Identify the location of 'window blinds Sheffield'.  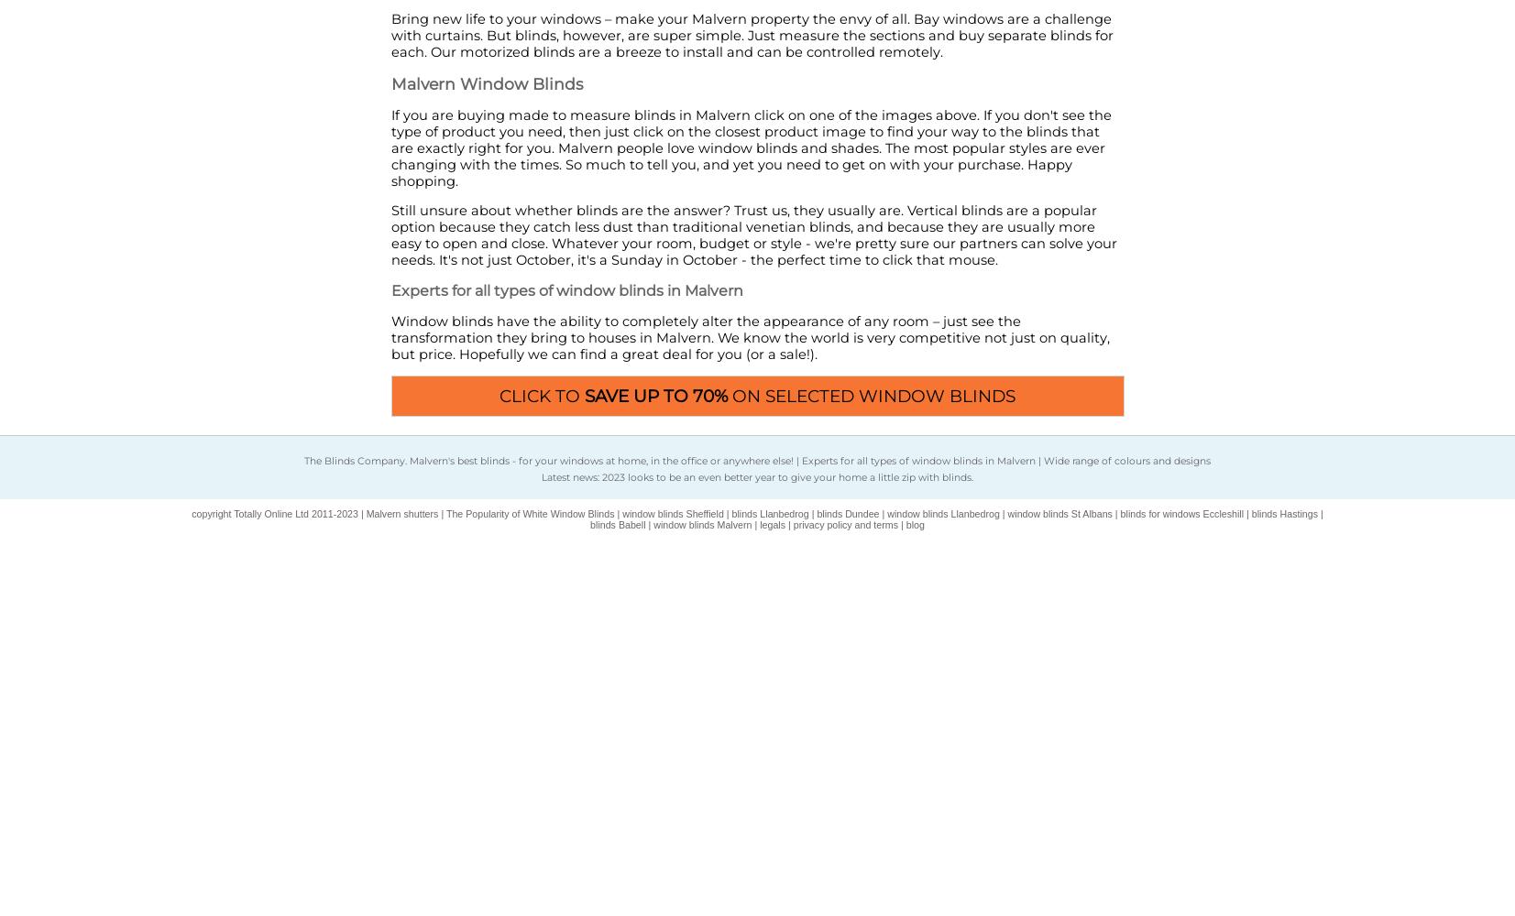
(671, 514).